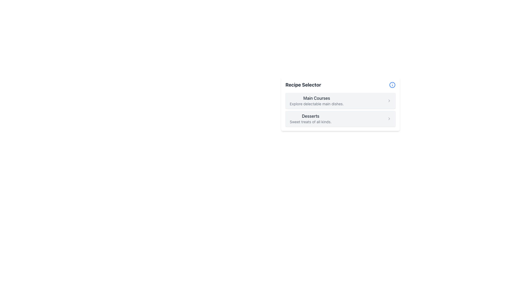 The height and width of the screenshot is (285, 508). What do you see at coordinates (316, 104) in the screenshot?
I see `the light gray text 'Explore delectable main dishes.' located under the 'Main Courses' heading in the Recipe Selector section` at bounding box center [316, 104].